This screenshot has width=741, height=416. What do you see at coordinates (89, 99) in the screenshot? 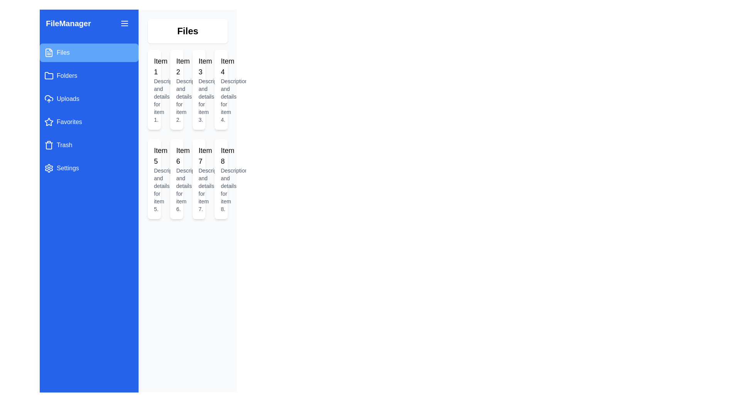
I see `the third menu item in the vertical list of sidebar options` at bounding box center [89, 99].